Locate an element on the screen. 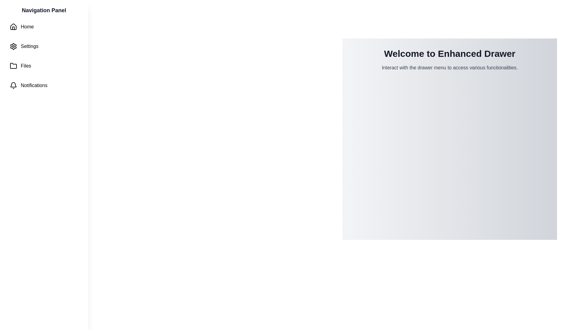 This screenshot has height=330, width=587. the bell icon in the navigation menu, which serves as a notification indicator located in the fourth row, next to the 'Notifications' label is located at coordinates (13, 86).